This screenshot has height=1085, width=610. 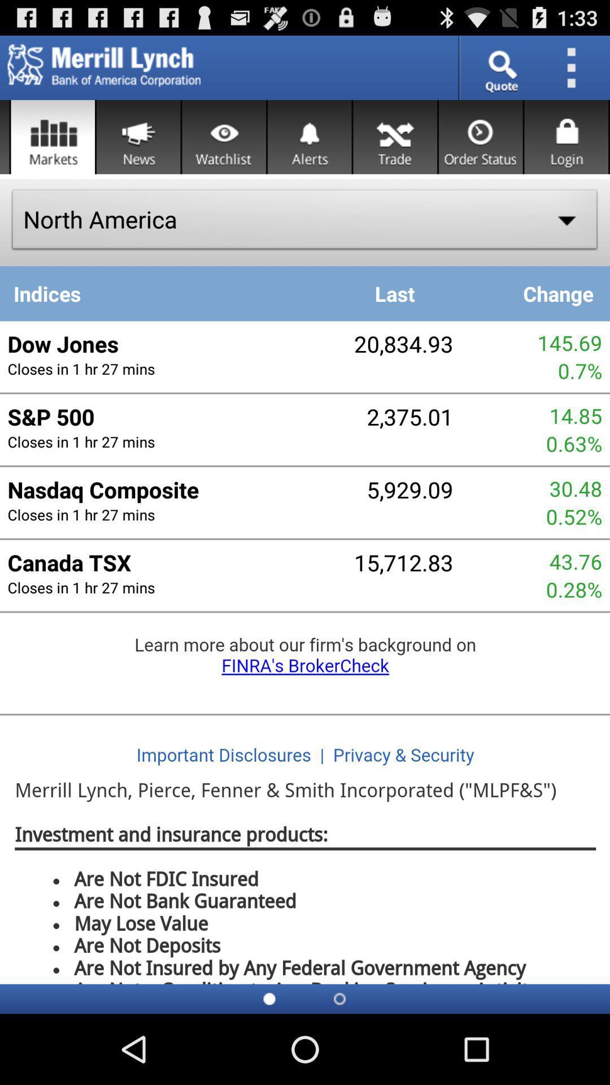 I want to click on the time icon, so click(x=481, y=146).